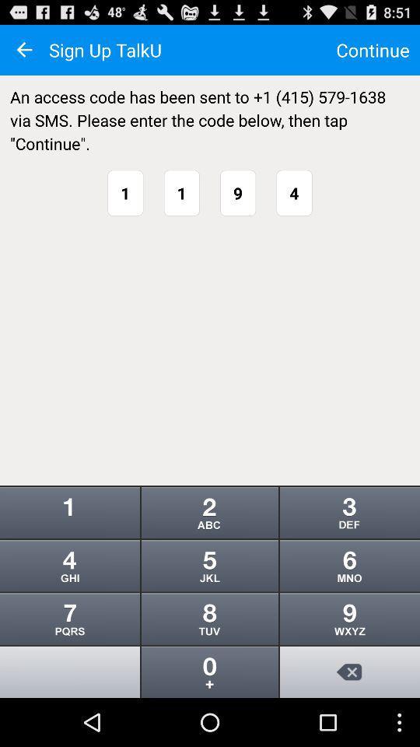  Describe the element at coordinates (210, 549) in the screenshot. I see `the more icon` at that location.